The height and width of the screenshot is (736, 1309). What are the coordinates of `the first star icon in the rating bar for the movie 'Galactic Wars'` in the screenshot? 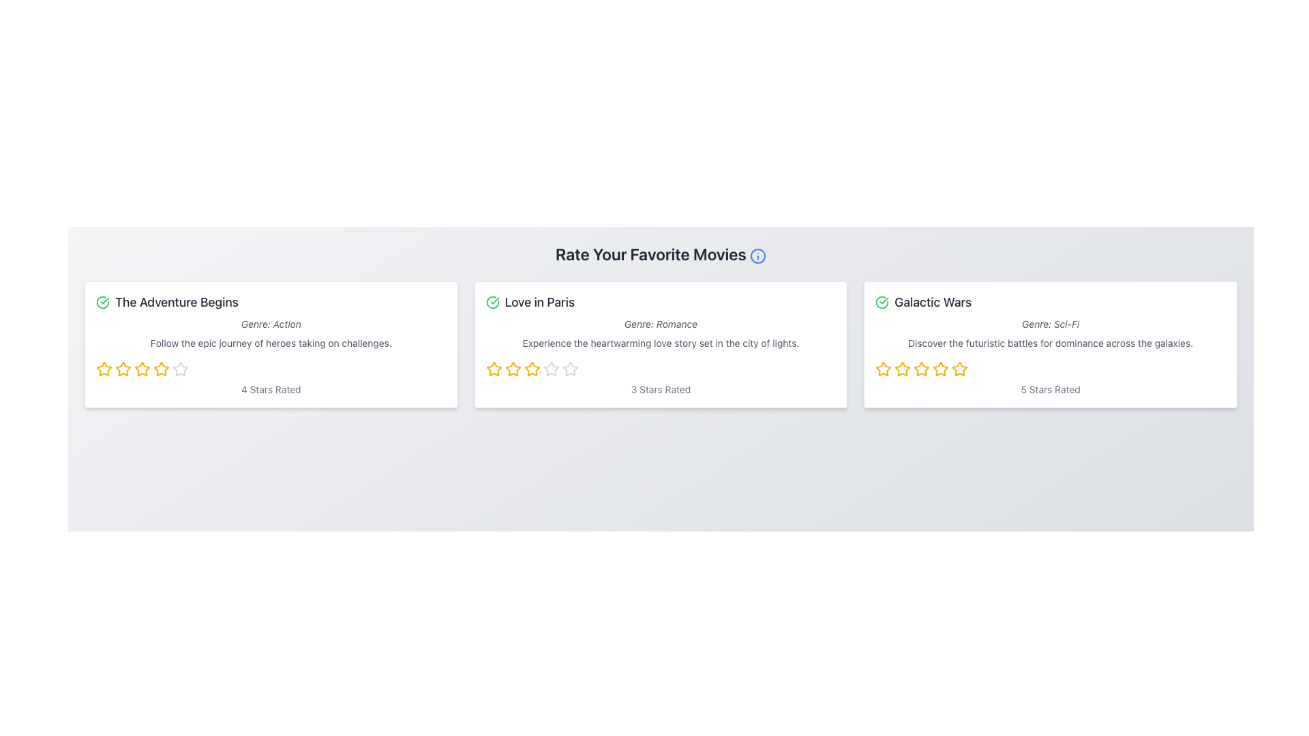 It's located at (884, 369).